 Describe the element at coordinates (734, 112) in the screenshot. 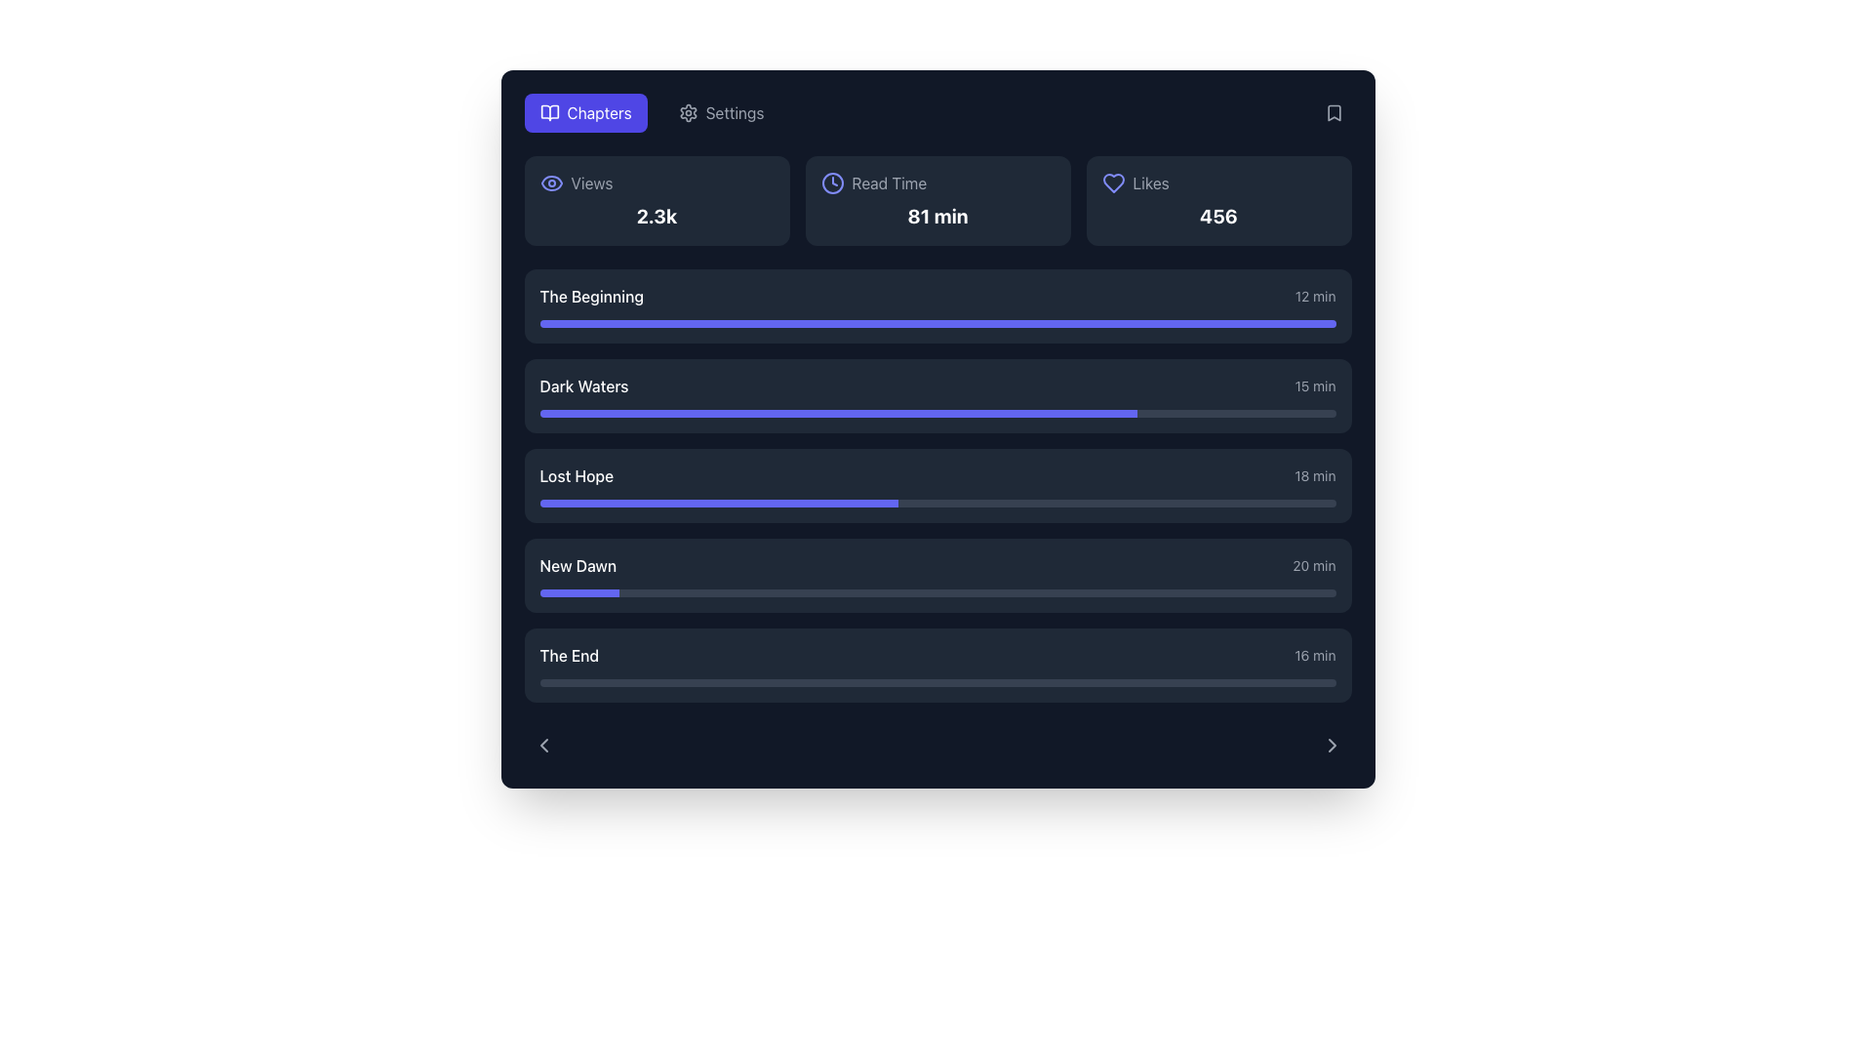

I see `the 'Settings' text label in the top navigation bar for keyboard navigation` at that location.